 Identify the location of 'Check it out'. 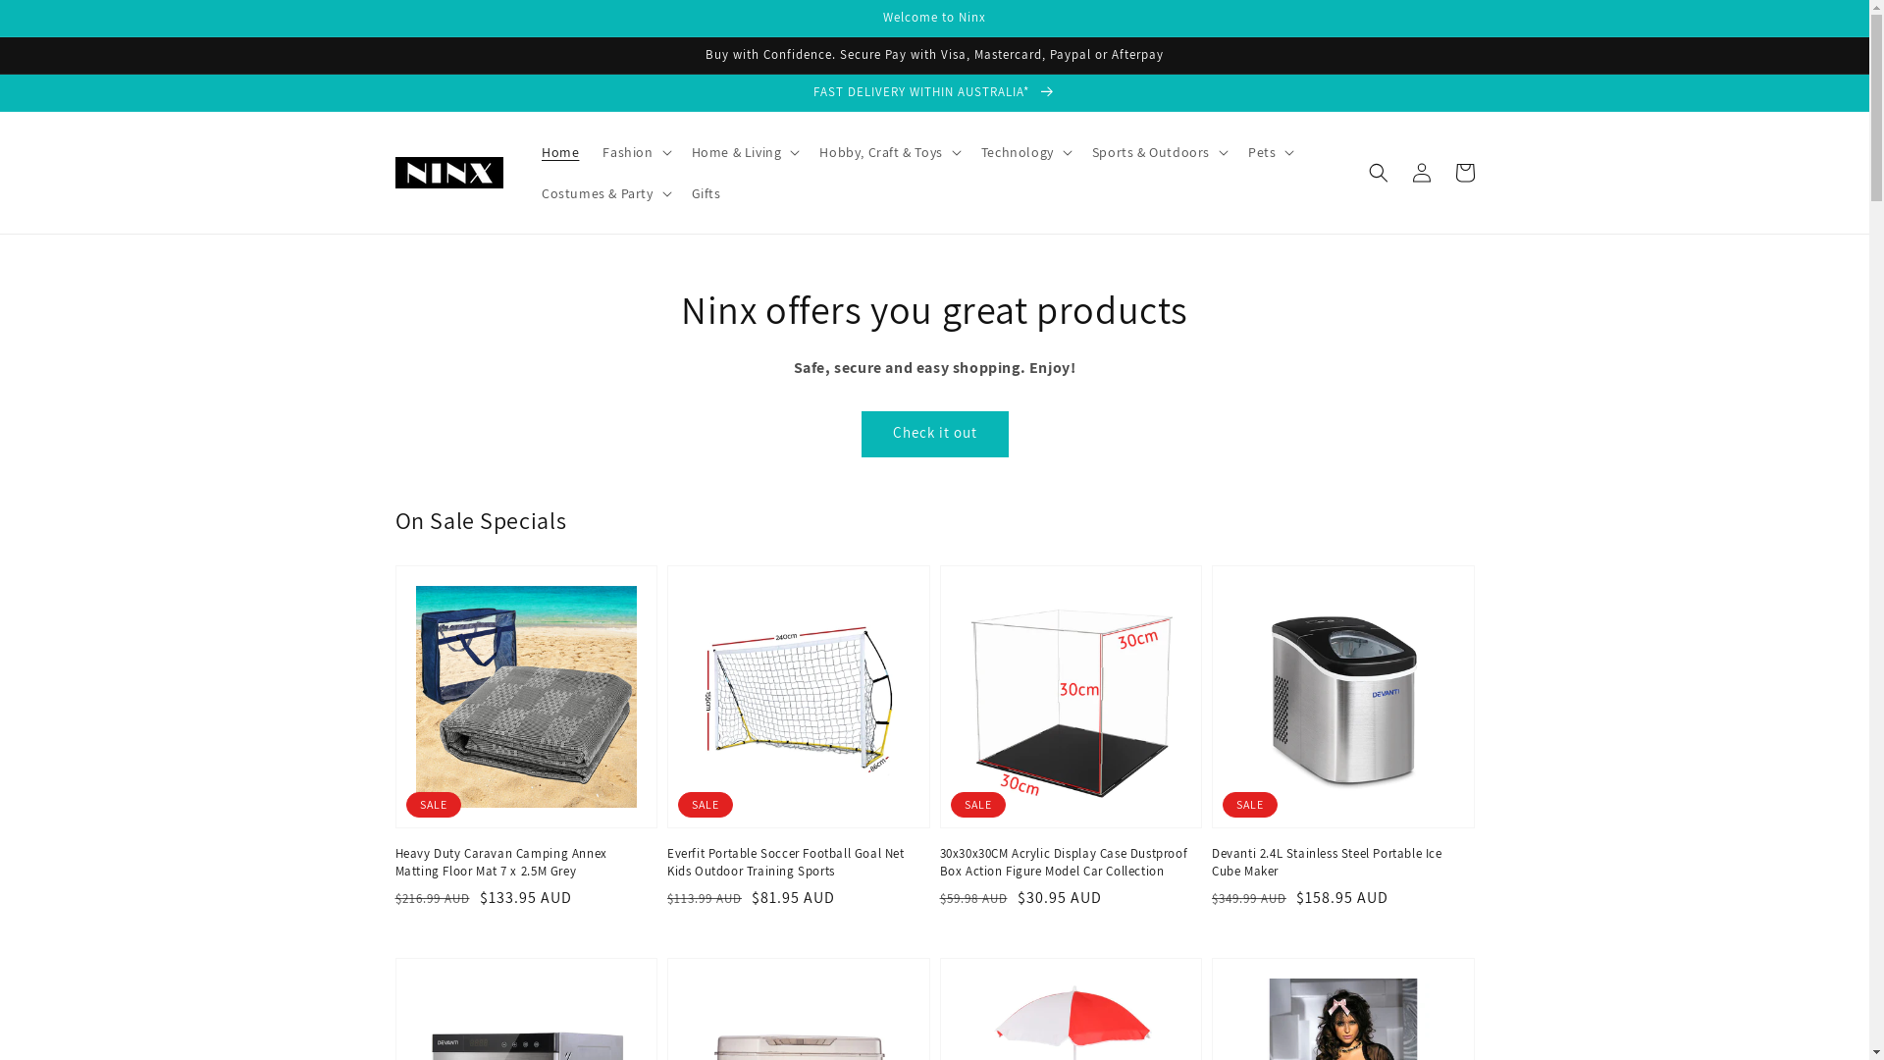
(932, 433).